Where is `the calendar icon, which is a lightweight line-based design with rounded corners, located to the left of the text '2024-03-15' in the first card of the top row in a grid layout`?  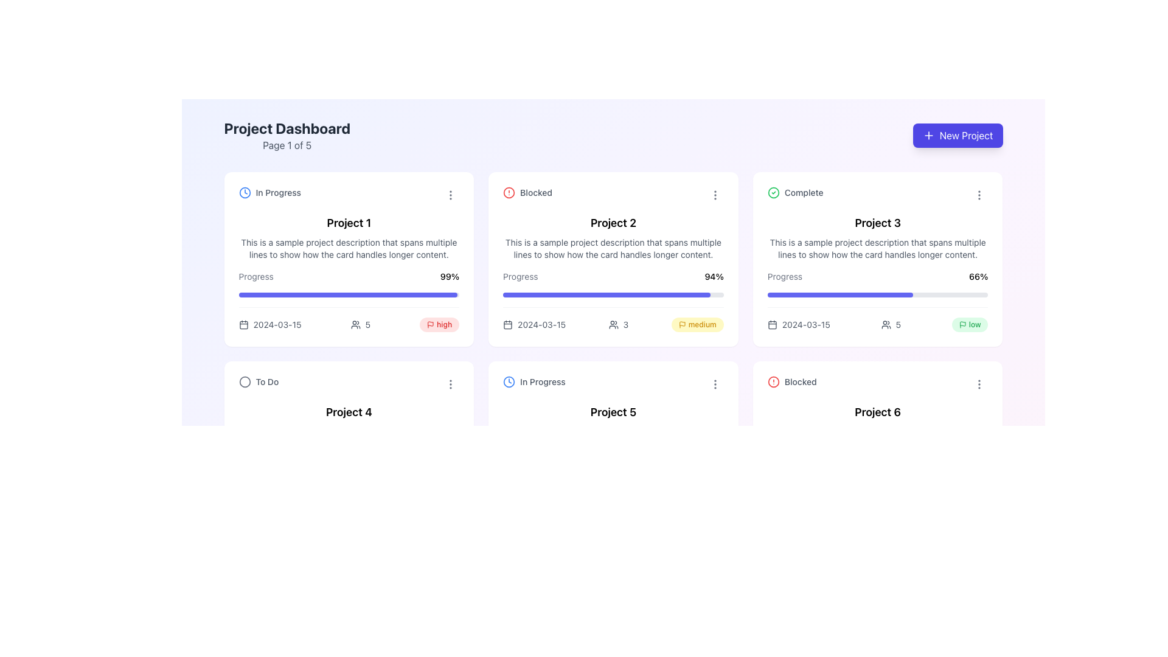 the calendar icon, which is a lightweight line-based design with rounded corners, located to the left of the text '2024-03-15' in the first card of the top row in a grid layout is located at coordinates (243, 324).